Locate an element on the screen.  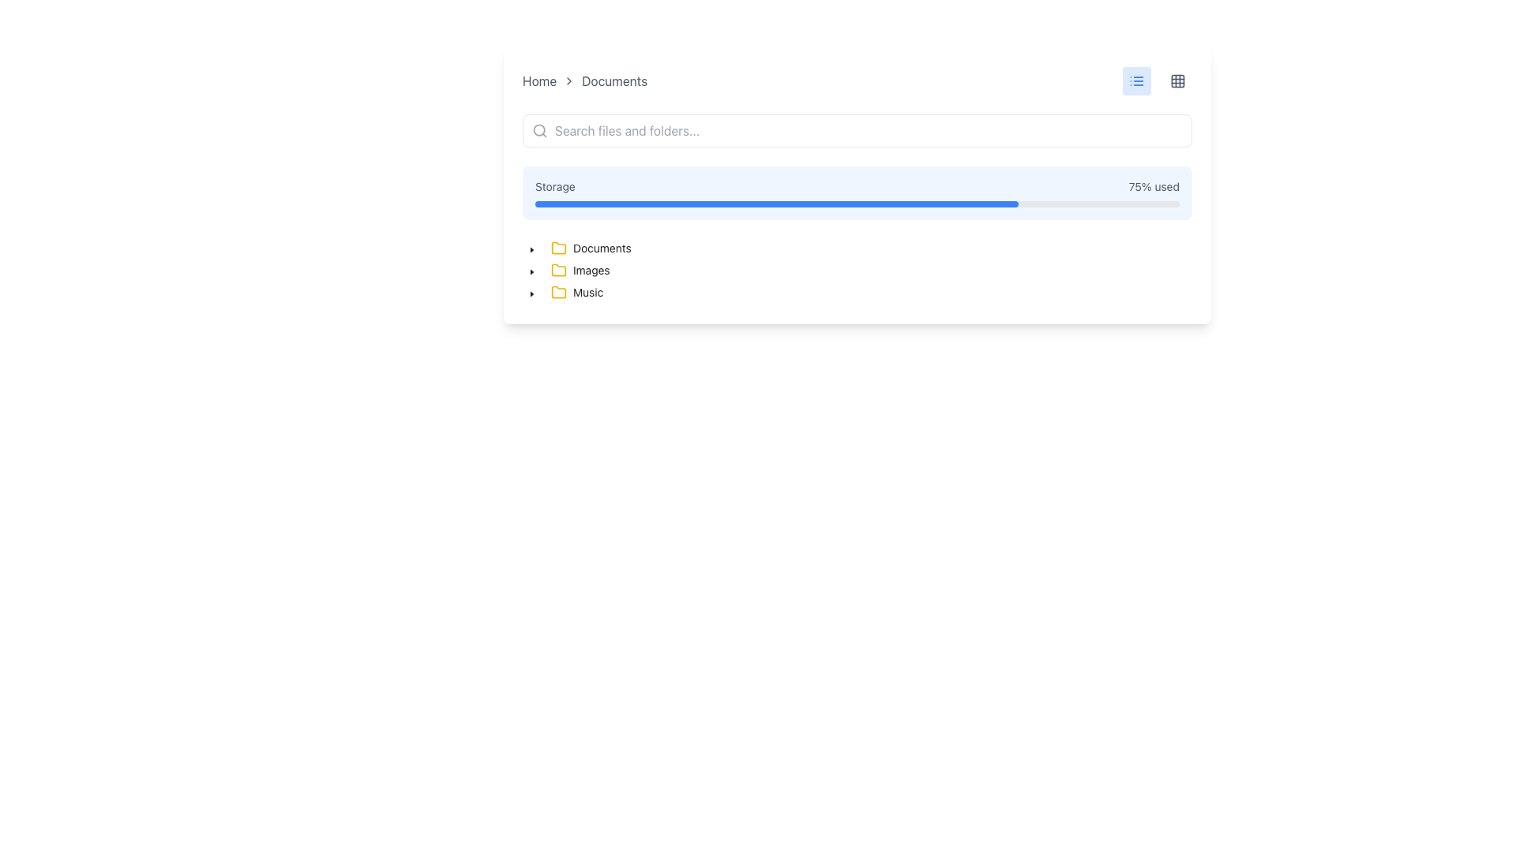
the caret button located to the left of the 'Music' label in the tree structure is located at coordinates (531, 292).